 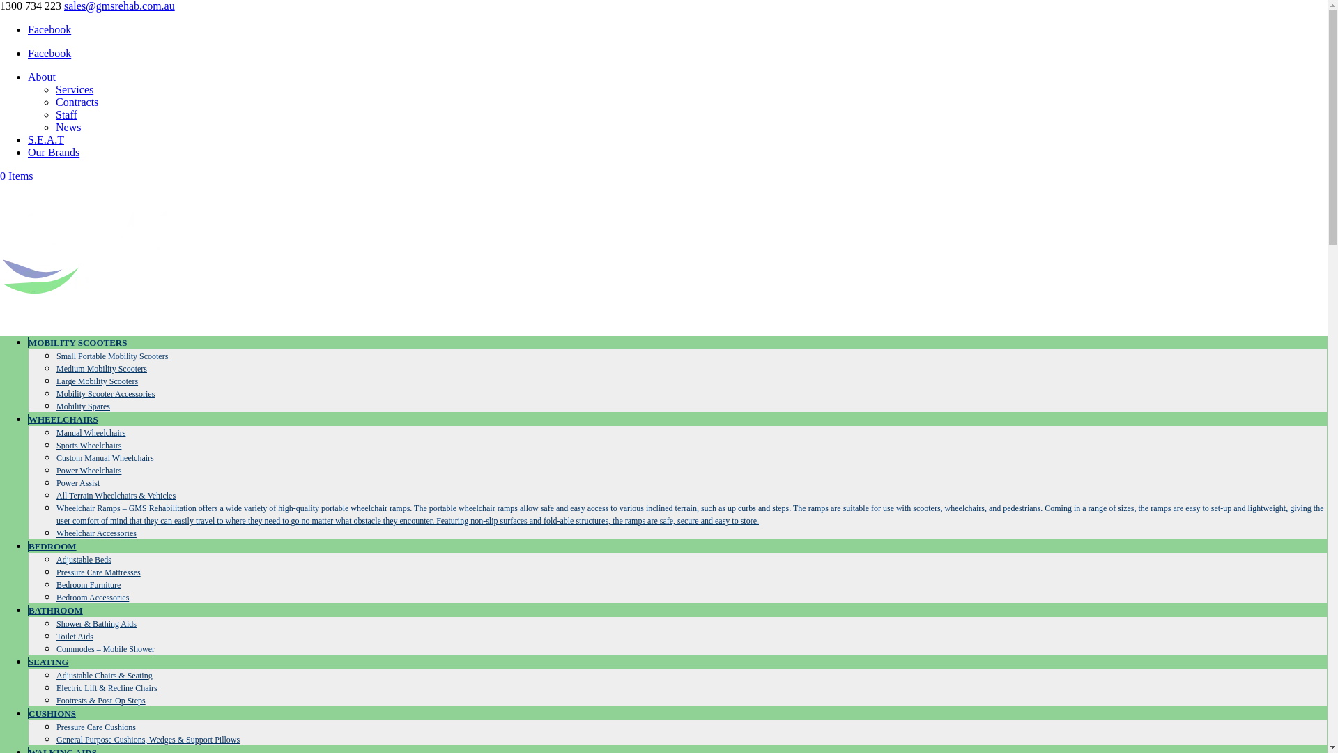 I want to click on 'Power Assist', so click(x=77, y=482).